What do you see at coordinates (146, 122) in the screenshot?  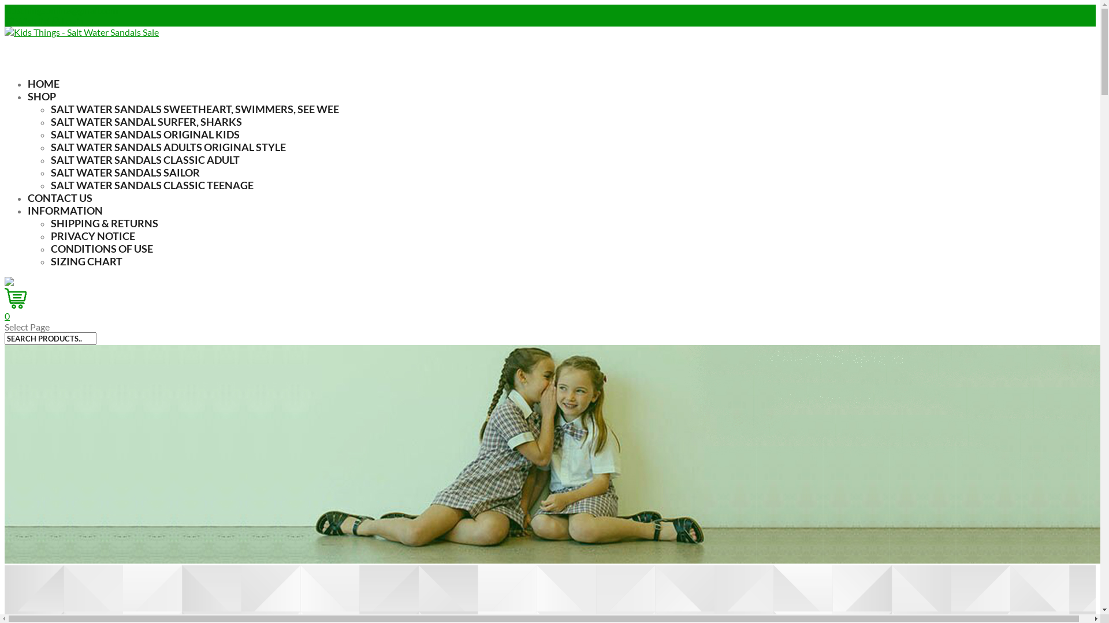 I see `'SALT WATER SANDAL SURFER, SHARKS'` at bounding box center [146, 122].